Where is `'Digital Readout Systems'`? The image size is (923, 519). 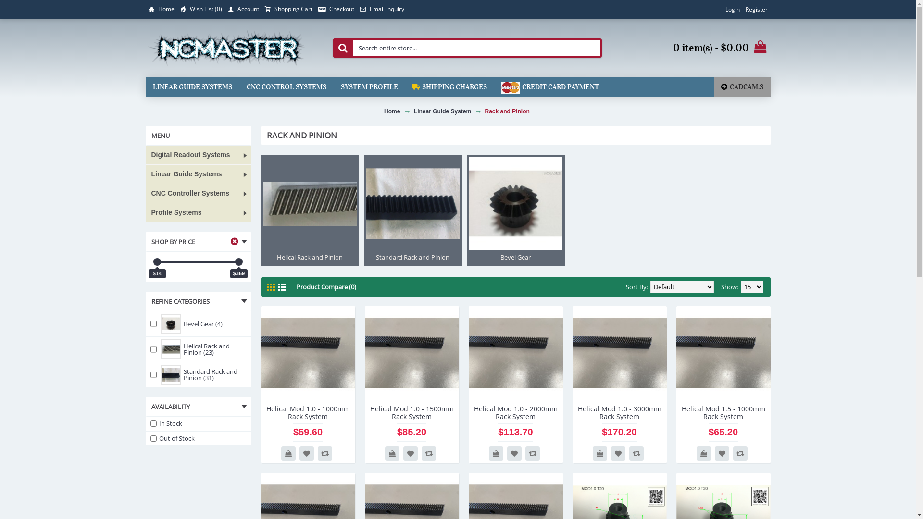 'Digital Readout Systems' is located at coordinates (198, 155).